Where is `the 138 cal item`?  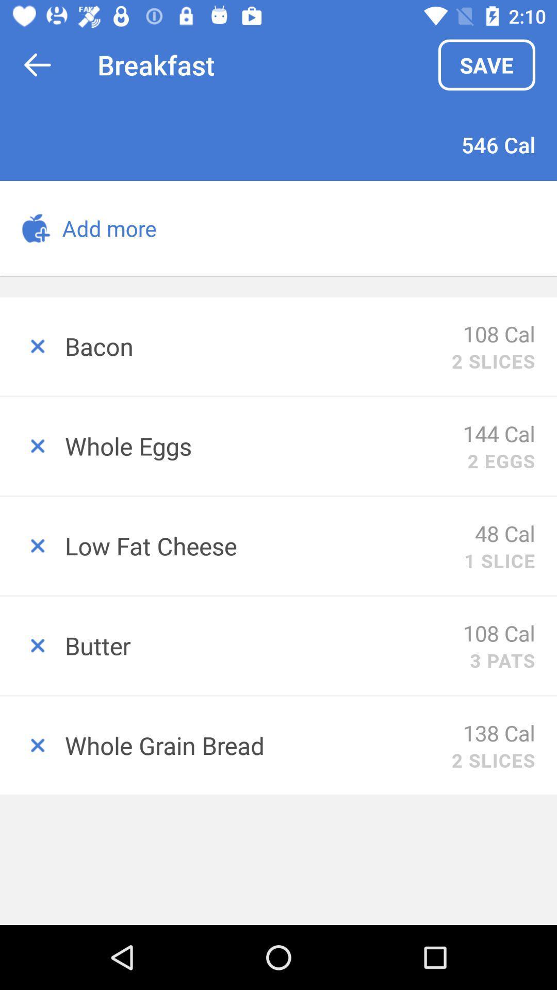
the 138 cal item is located at coordinates (498, 732).